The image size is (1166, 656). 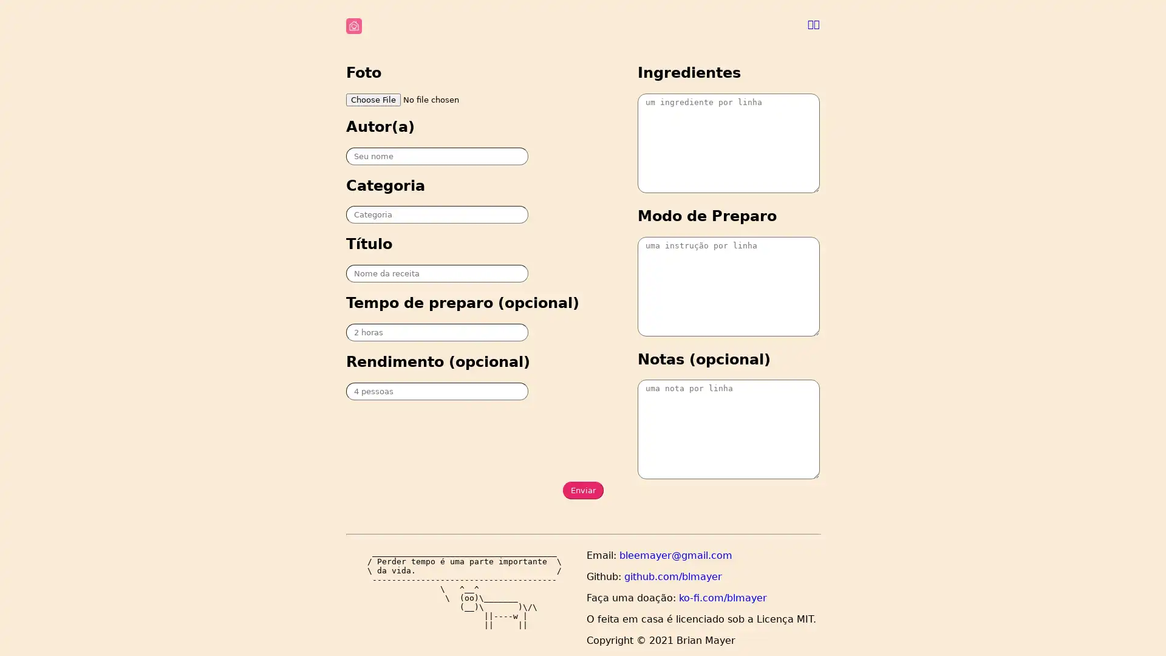 What do you see at coordinates (582, 490) in the screenshot?
I see `Enviar` at bounding box center [582, 490].